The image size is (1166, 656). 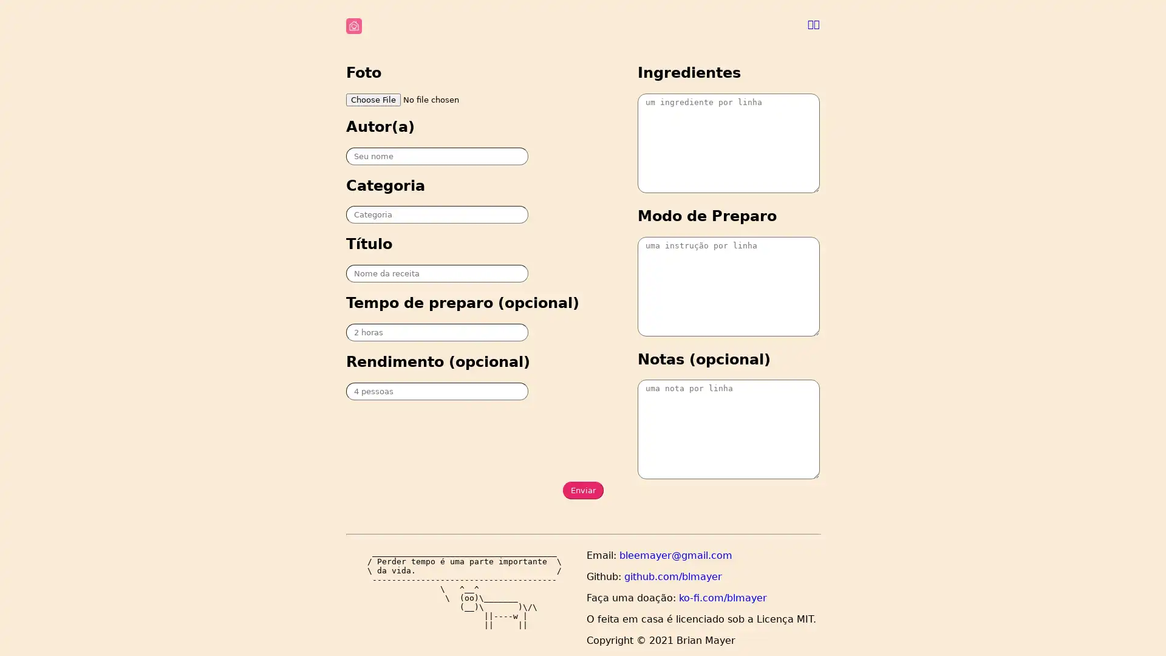 What do you see at coordinates (582, 490) in the screenshot?
I see `Enviar` at bounding box center [582, 490].